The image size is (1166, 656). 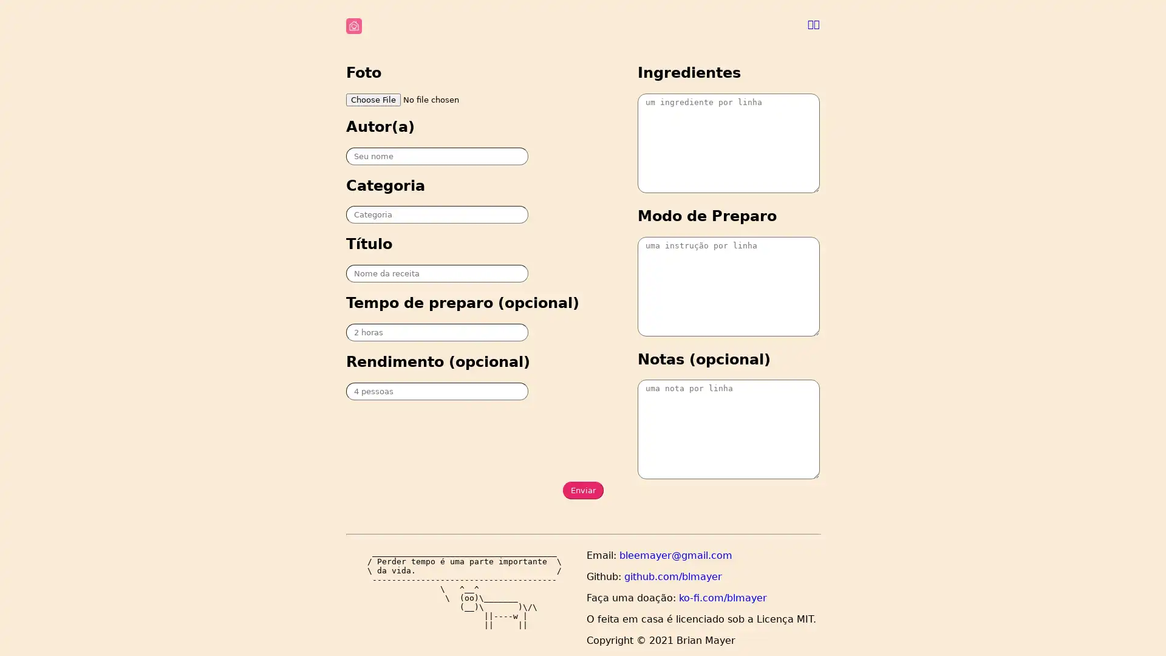 What do you see at coordinates (582, 490) in the screenshot?
I see `Enviar` at bounding box center [582, 490].